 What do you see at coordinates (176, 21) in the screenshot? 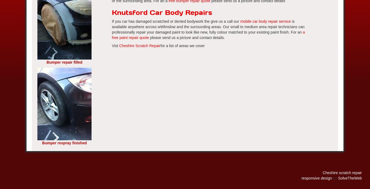
I see `'If you car has damaged scratched or dented bodywork  the give us a call  our'` at bounding box center [176, 21].